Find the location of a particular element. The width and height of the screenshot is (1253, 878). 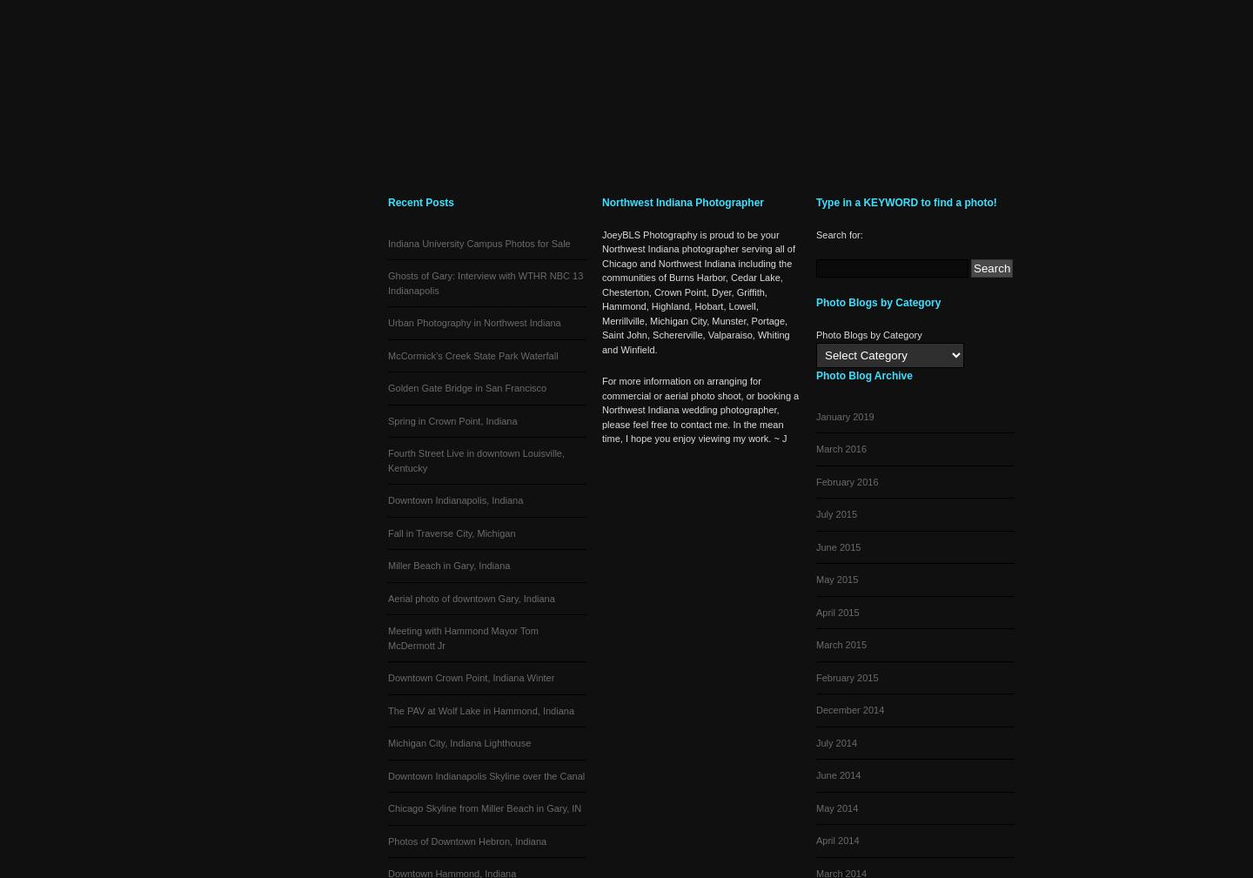

'June 2014' is located at coordinates (816, 775).